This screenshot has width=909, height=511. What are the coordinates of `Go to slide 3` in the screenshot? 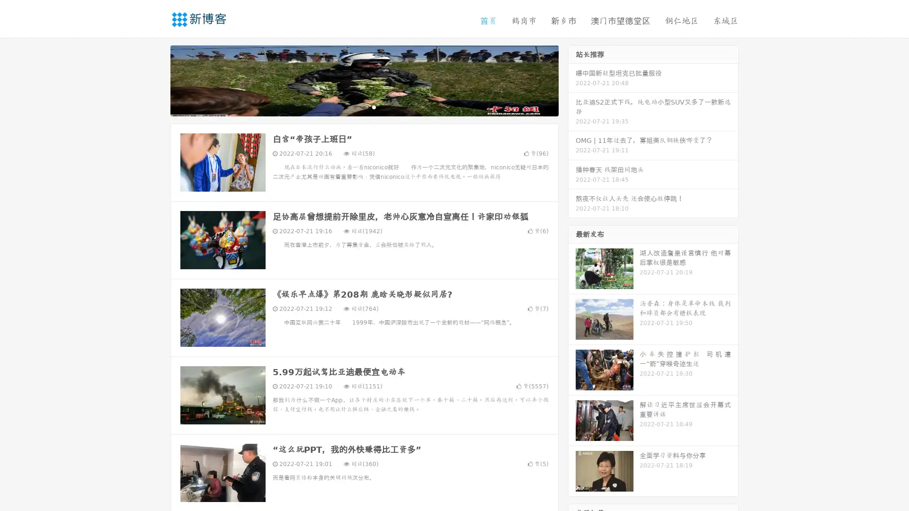 It's located at (374, 106).